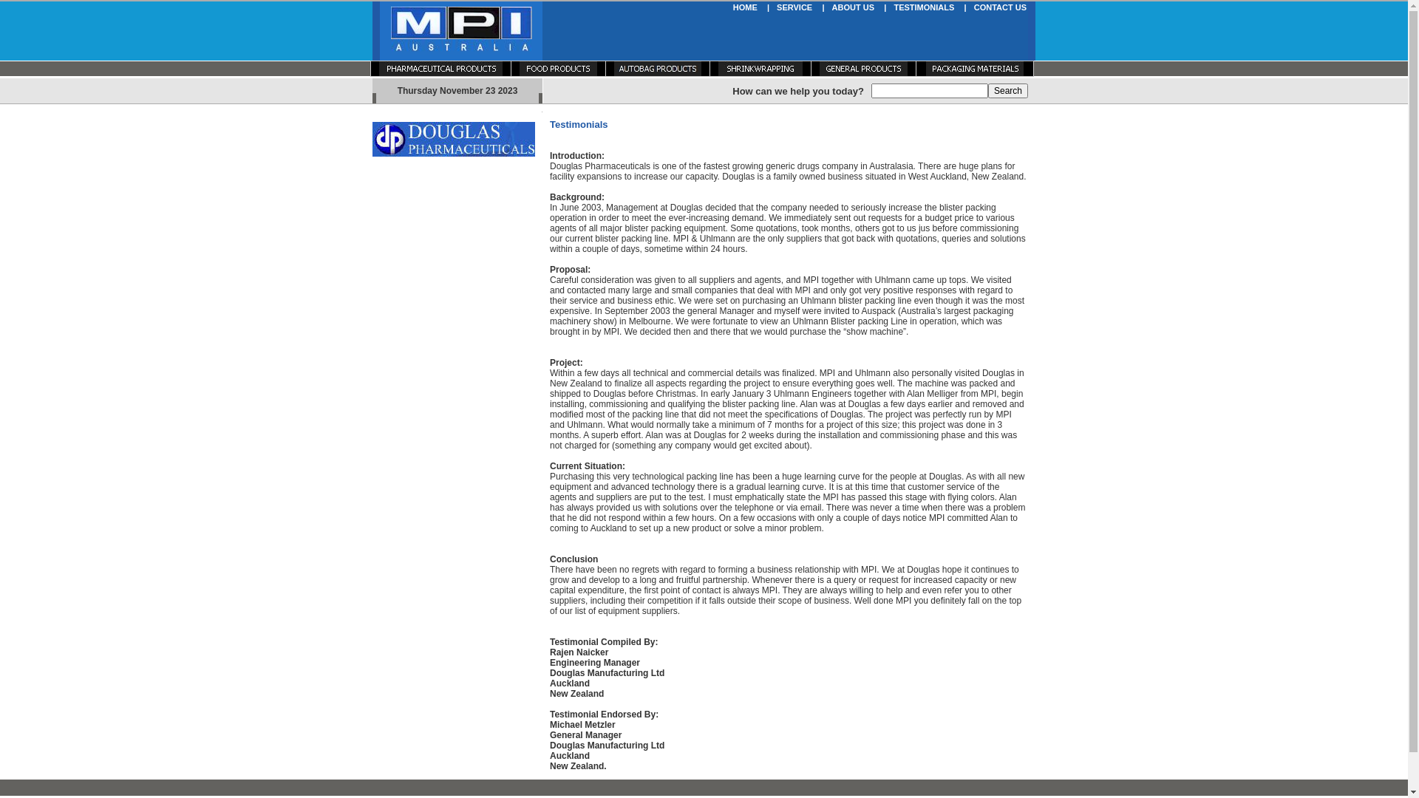 The width and height of the screenshot is (1419, 798). What do you see at coordinates (1007, 91) in the screenshot?
I see `'Search'` at bounding box center [1007, 91].